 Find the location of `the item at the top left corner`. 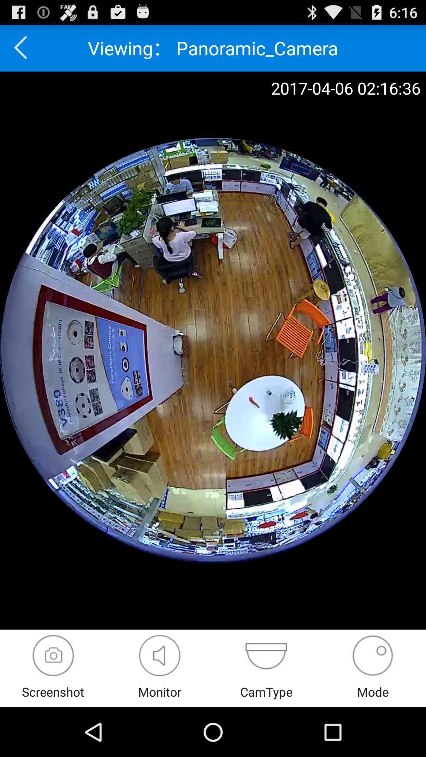

the item at the top left corner is located at coordinates (23, 48).